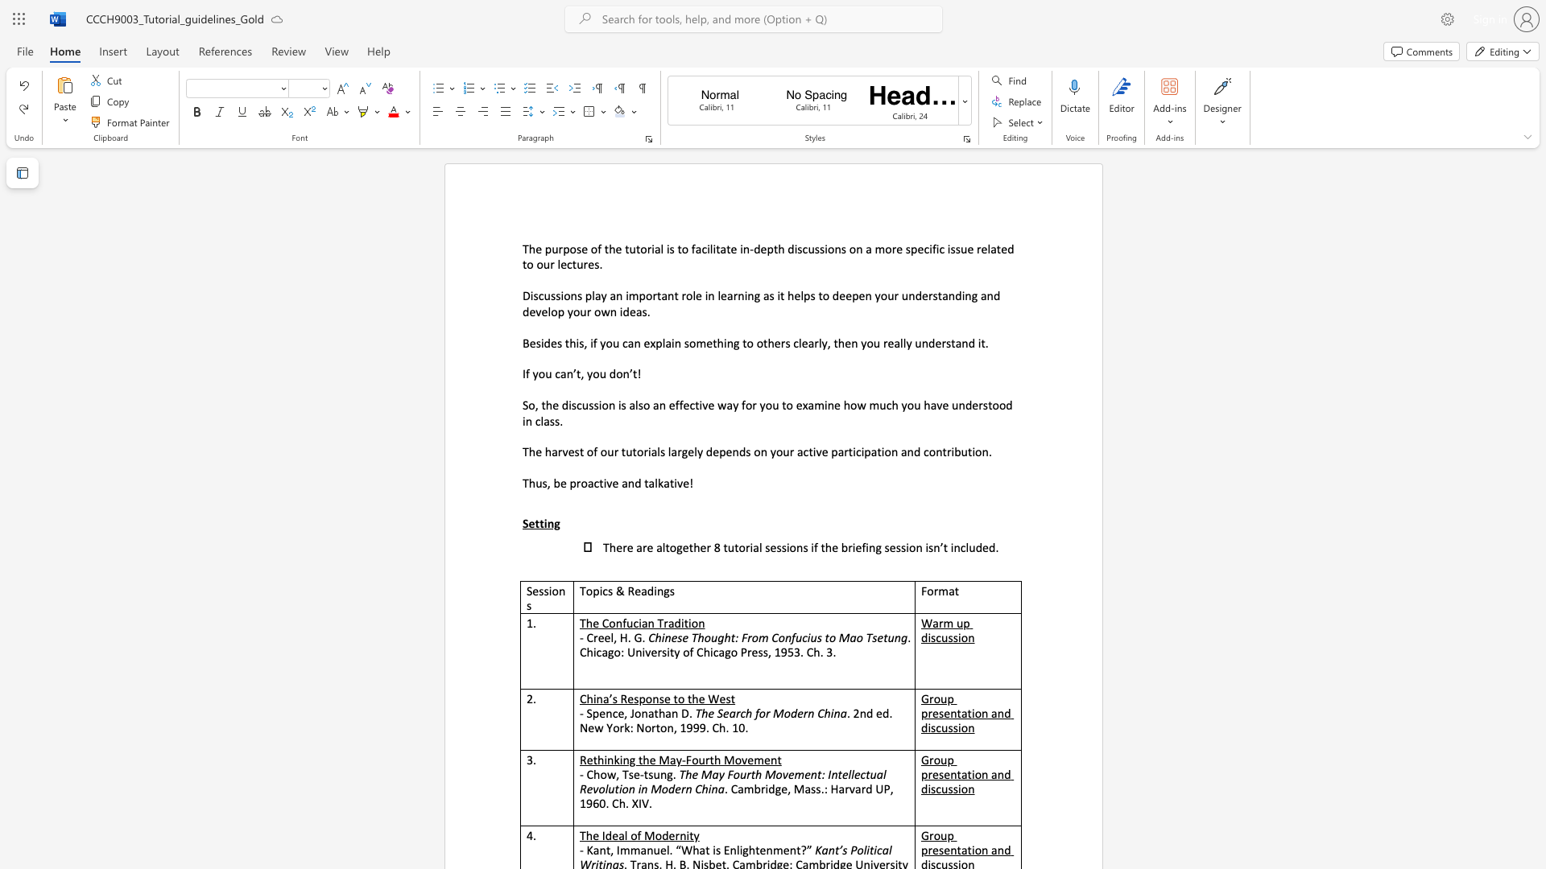 The height and width of the screenshot is (869, 1546). Describe the element at coordinates (597, 636) in the screenshot. I see `the space between the continuous character "r" and "e" in the text` at that location.